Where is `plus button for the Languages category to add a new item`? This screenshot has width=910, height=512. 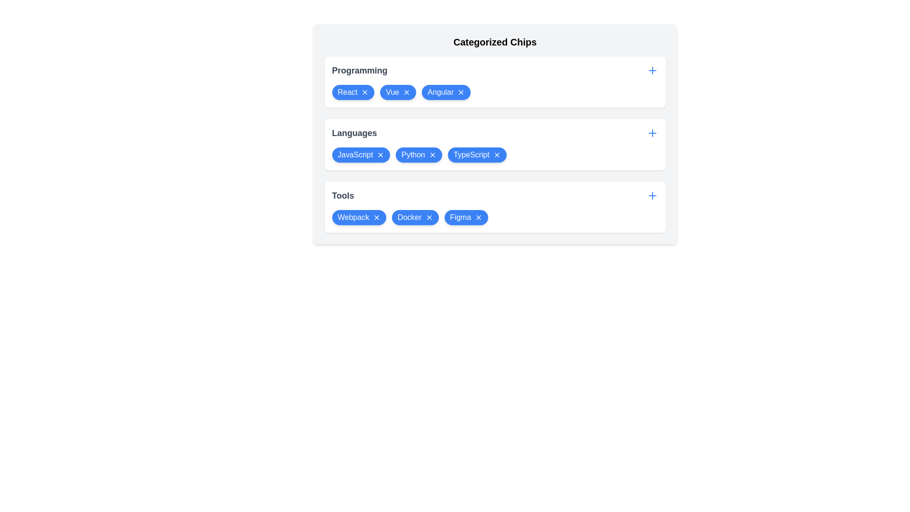
plus button for the Languages category to add a new item is located at coordinates (652, 133).